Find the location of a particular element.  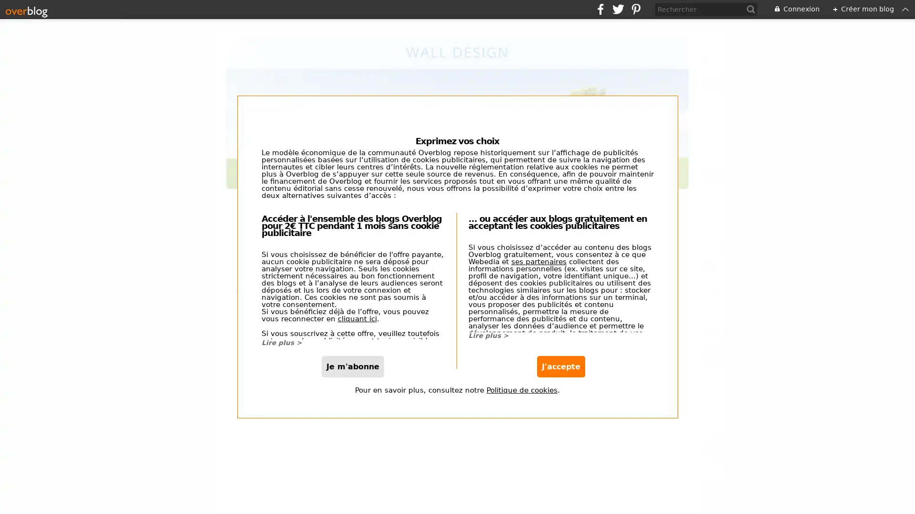

J'accepte is located at coordinates (560, 378).